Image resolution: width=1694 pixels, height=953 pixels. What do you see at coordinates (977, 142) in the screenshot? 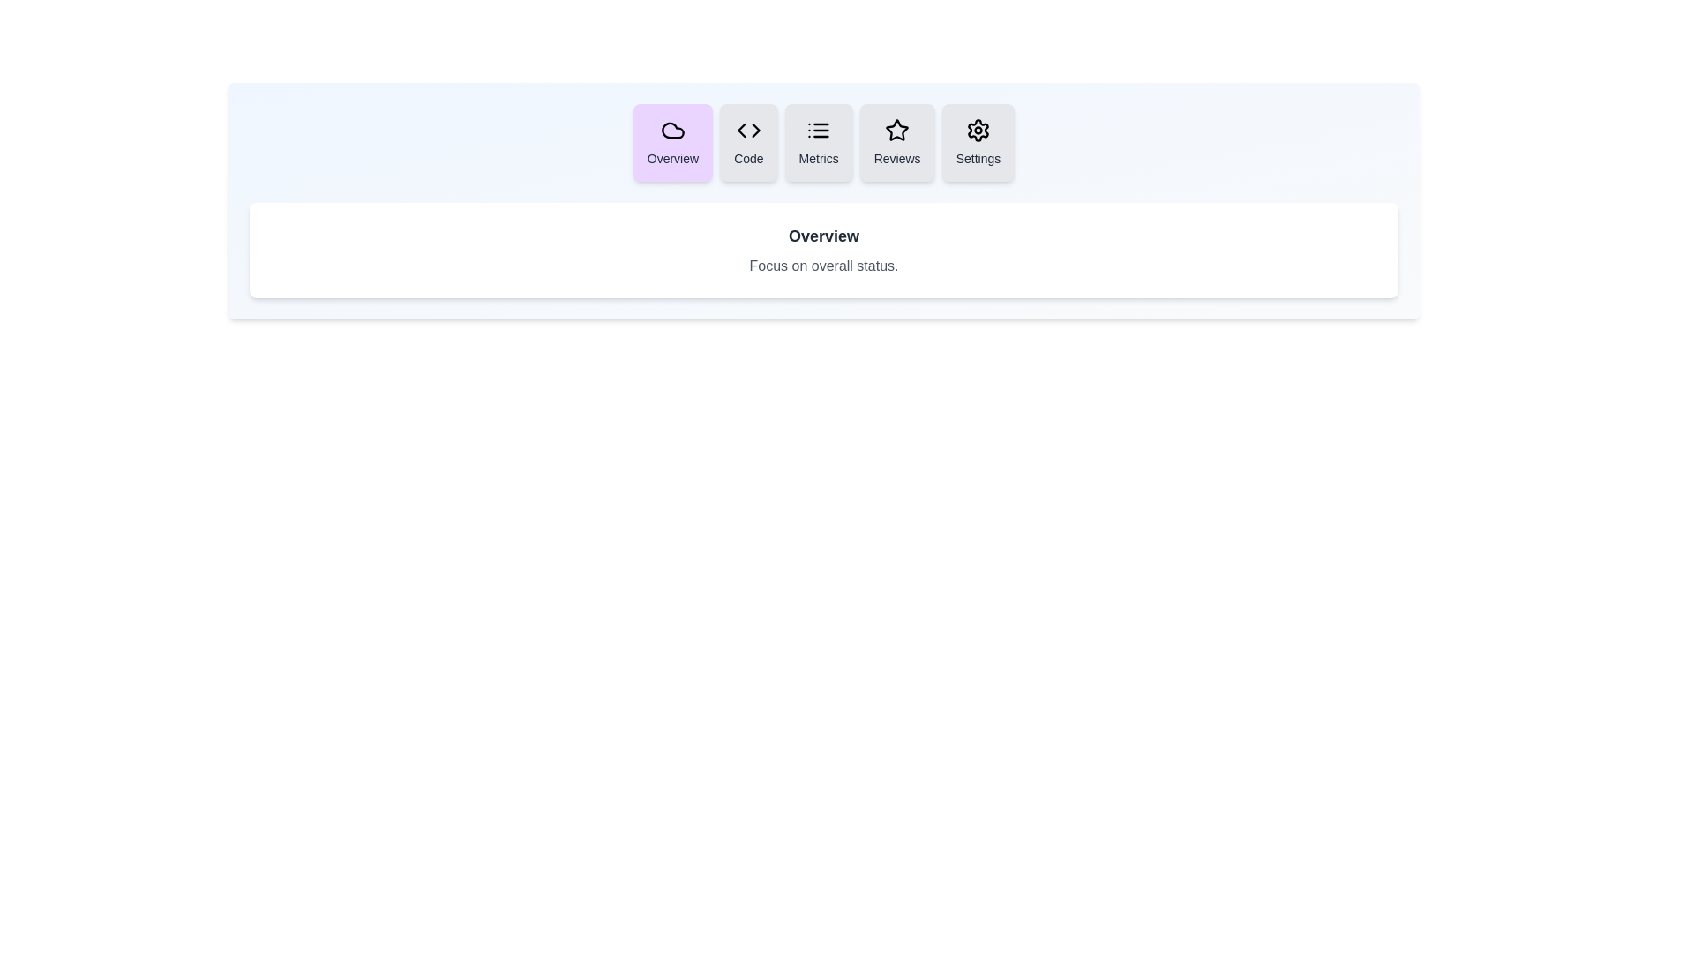
I see `the tab button labeled Settings to see the hover effect` at bounding box center [977, 142].